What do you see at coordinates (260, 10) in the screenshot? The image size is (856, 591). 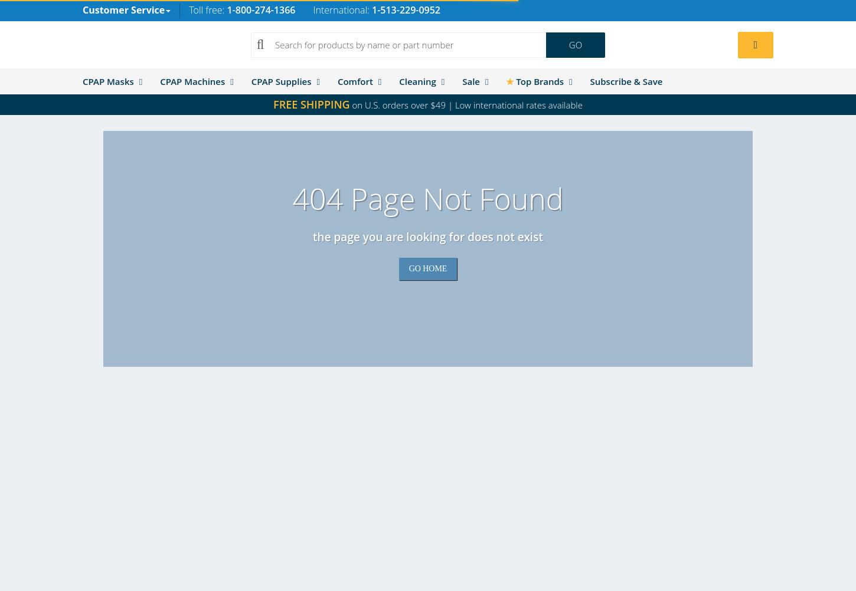 I see `'1-800-274-1366'` at bounding box center [260, 10].